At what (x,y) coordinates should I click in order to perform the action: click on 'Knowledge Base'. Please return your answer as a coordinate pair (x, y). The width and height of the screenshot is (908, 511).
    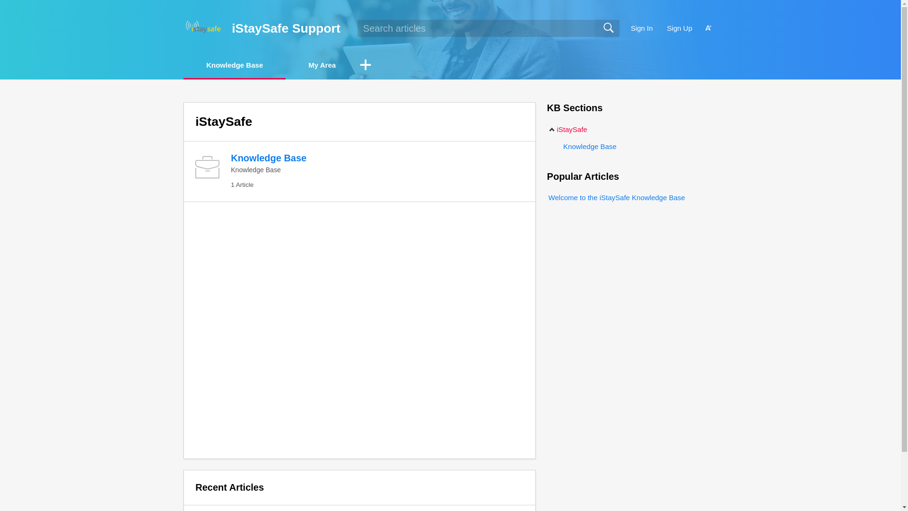
    Looking at the image, I should click on (560, 146).